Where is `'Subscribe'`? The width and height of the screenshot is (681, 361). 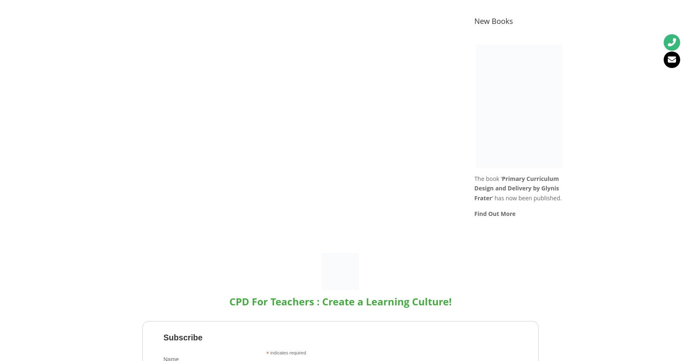 'Subscribe' is located at coordinates (182, 337).